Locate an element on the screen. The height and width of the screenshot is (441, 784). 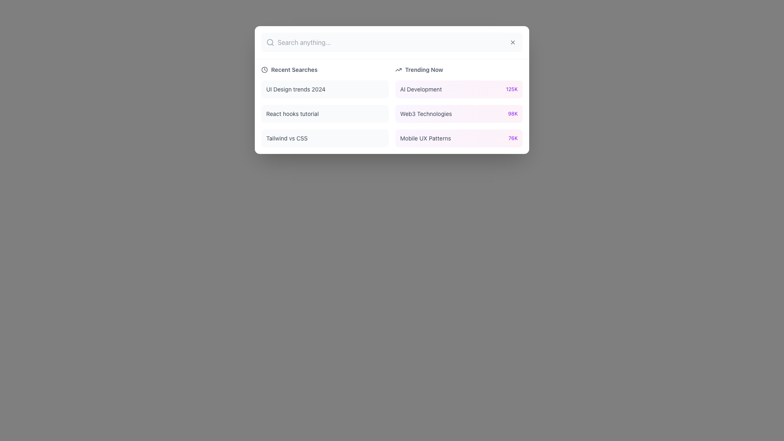
the second item in the 'Recent Searches' list is located at coordinates (325, 106).